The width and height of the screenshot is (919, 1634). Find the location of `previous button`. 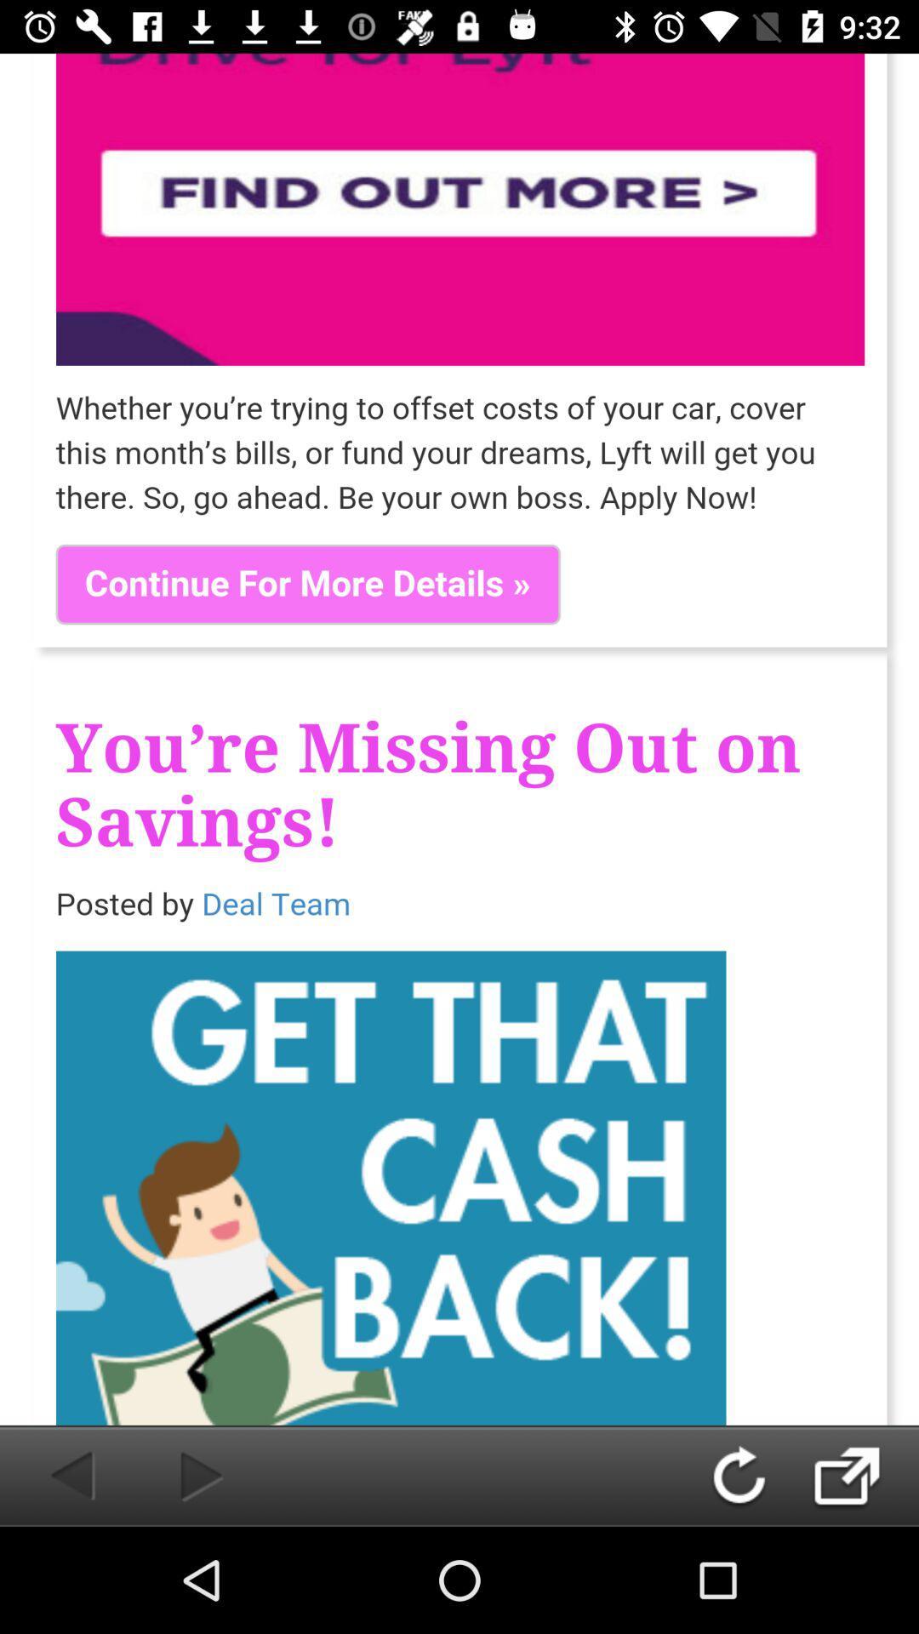

previous button is located at coordinates (53, 1475).